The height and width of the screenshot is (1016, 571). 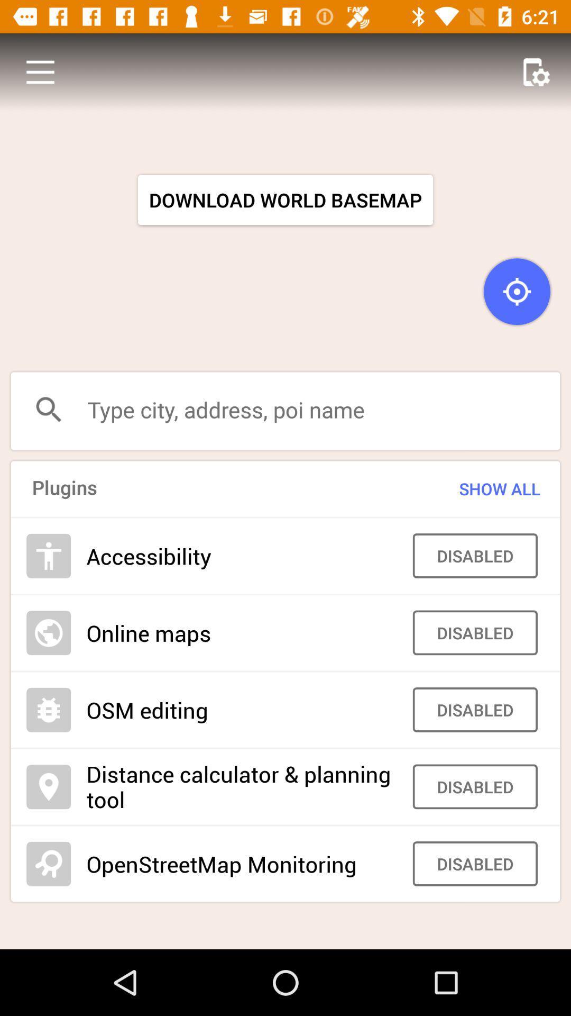 What do you see at coordinates (517, 292) in the screenshot?
I see `the icon above the type city address` at bounding box center [517, 292].